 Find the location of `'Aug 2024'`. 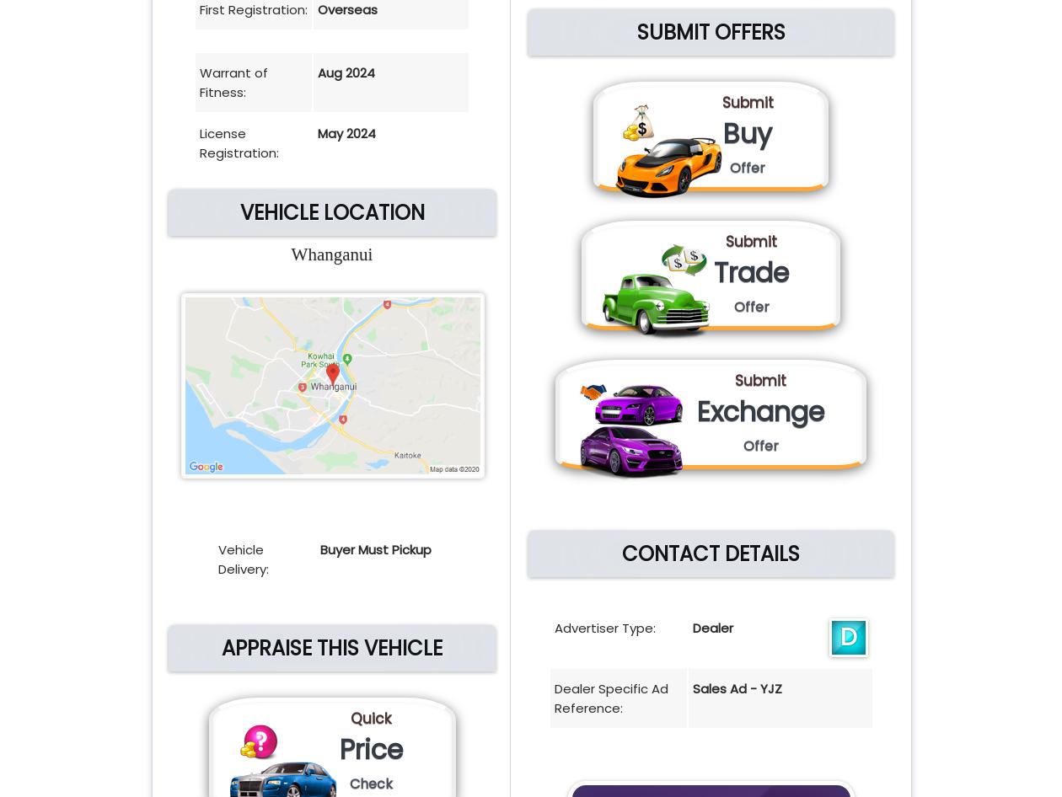

'Aug 2024' is located at coordinates (346, 72).